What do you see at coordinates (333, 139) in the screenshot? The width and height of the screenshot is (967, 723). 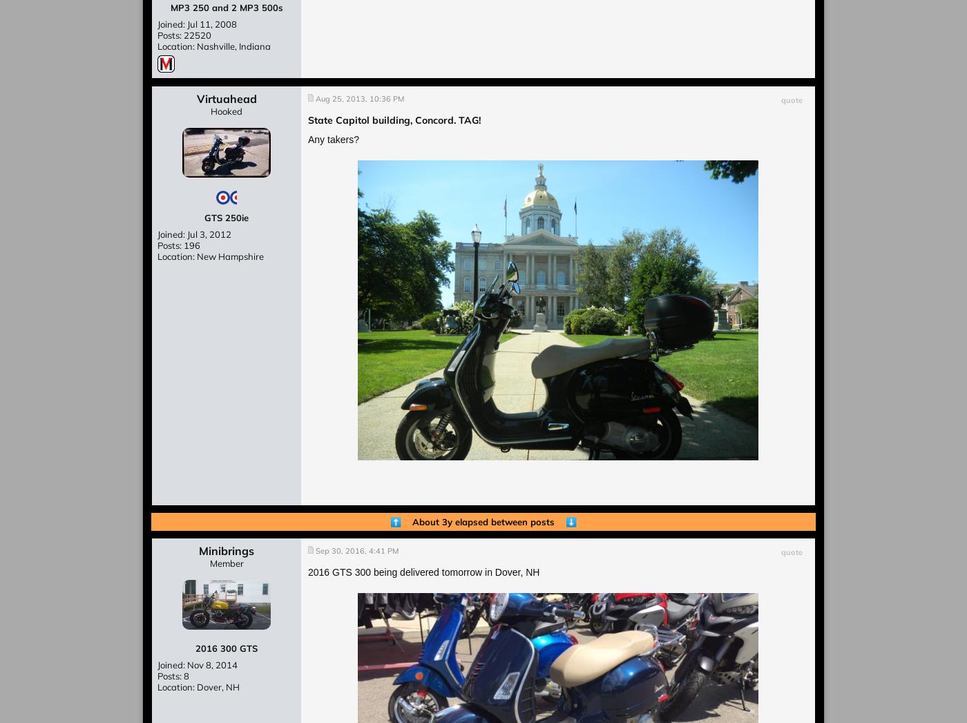 I see `'Any takers?'` at bounding box center [333, 139].